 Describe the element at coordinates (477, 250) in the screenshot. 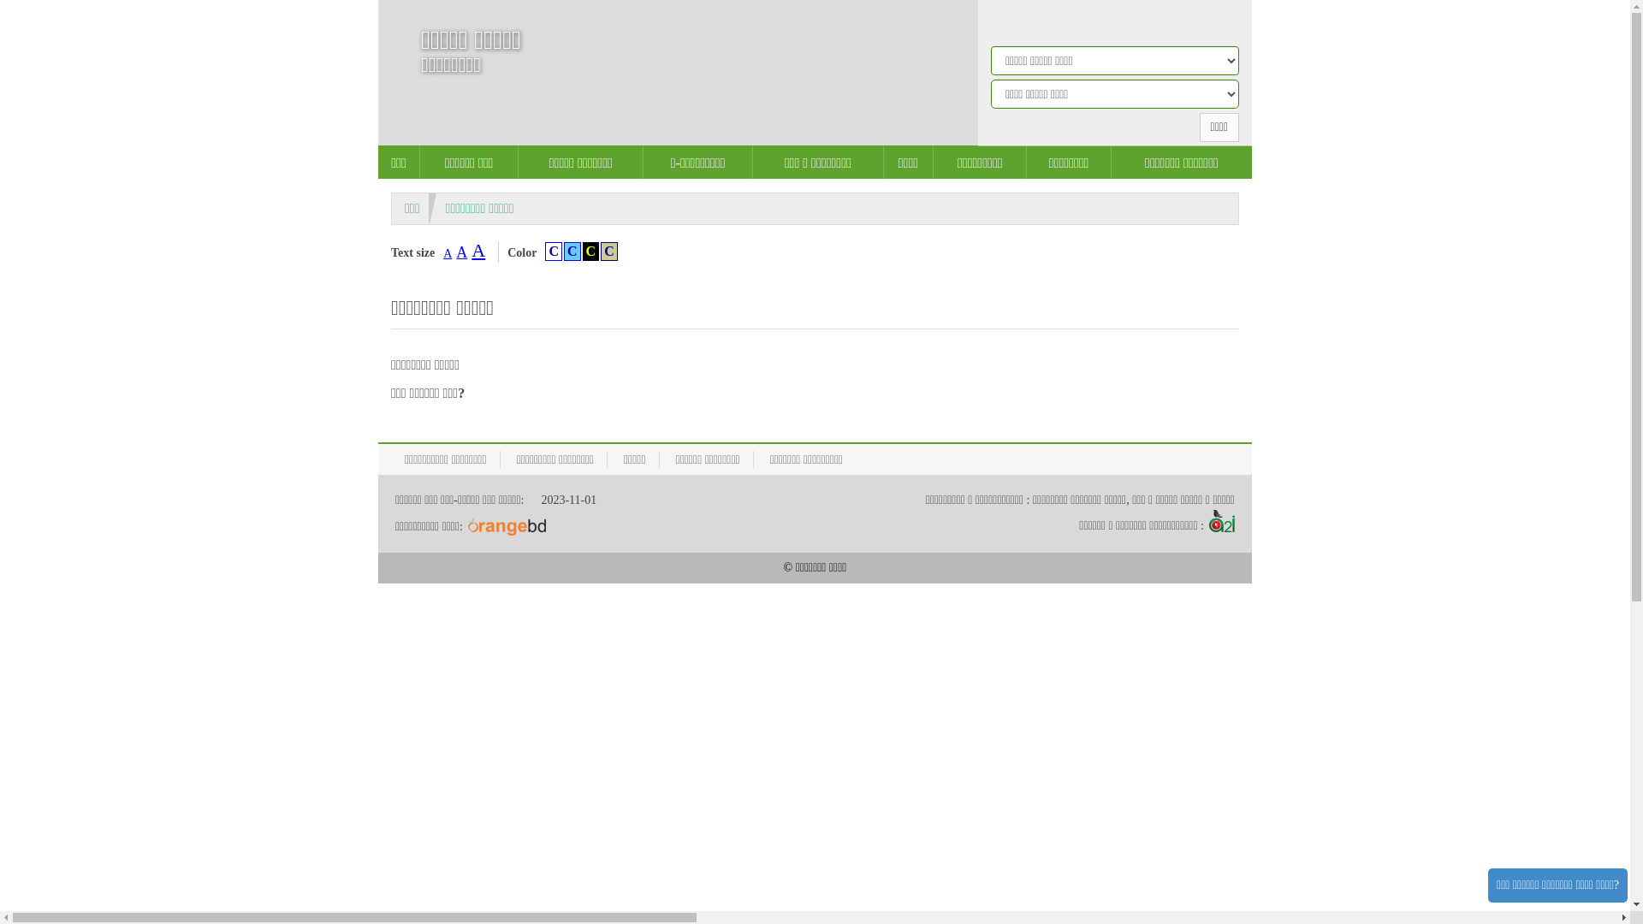

I see `'A'` at that location.